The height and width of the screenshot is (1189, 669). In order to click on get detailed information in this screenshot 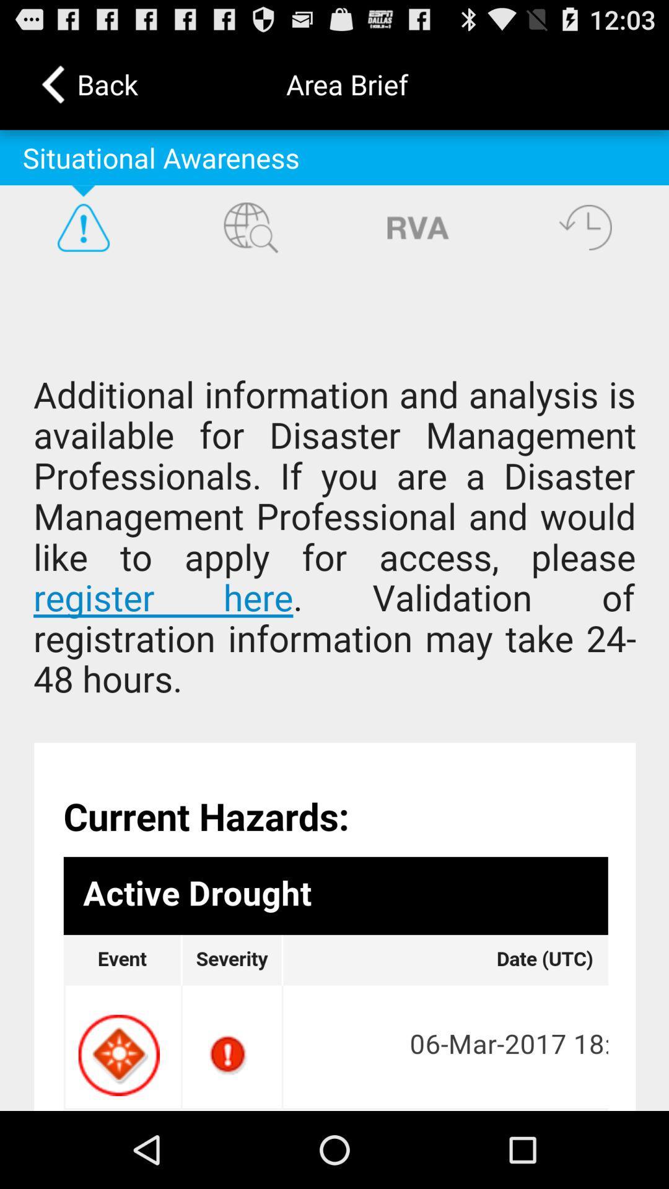, I will do `click(334, 689)`.